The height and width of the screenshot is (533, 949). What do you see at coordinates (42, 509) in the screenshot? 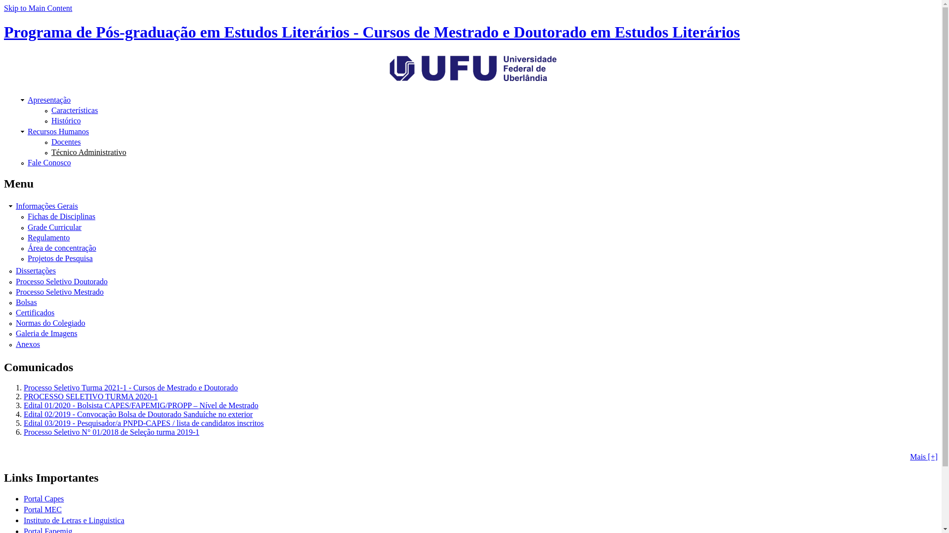
I see `'Portal MEC'` at bounding box center [42, 509].